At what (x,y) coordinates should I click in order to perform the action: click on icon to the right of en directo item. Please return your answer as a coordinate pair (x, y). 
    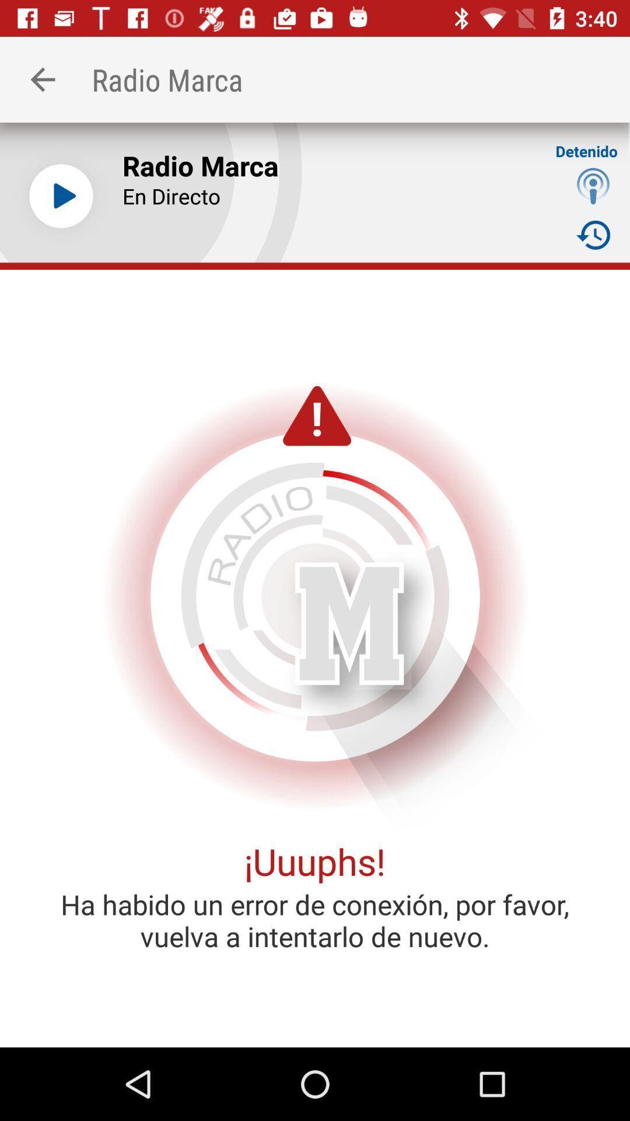
    Looking at the image, I should click on (593, 185).